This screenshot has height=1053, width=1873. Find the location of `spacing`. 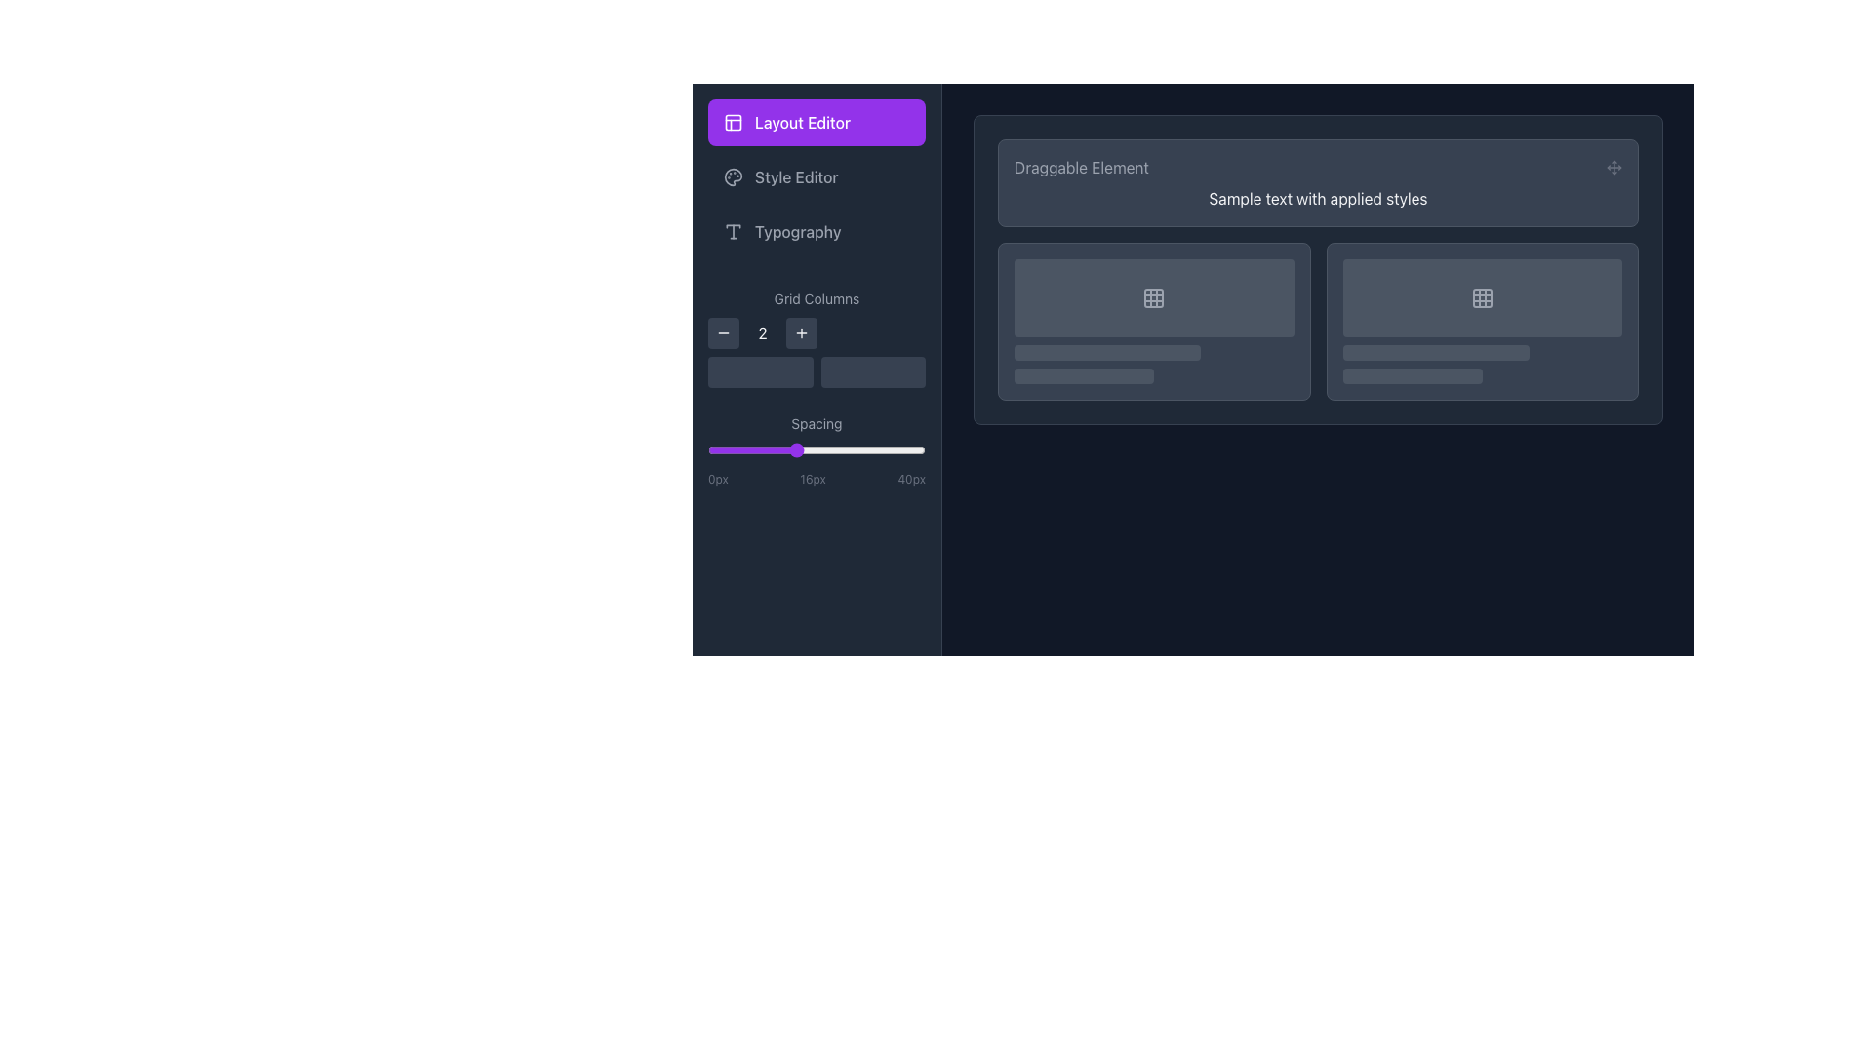

spacing is located at coordinates (838, 450).